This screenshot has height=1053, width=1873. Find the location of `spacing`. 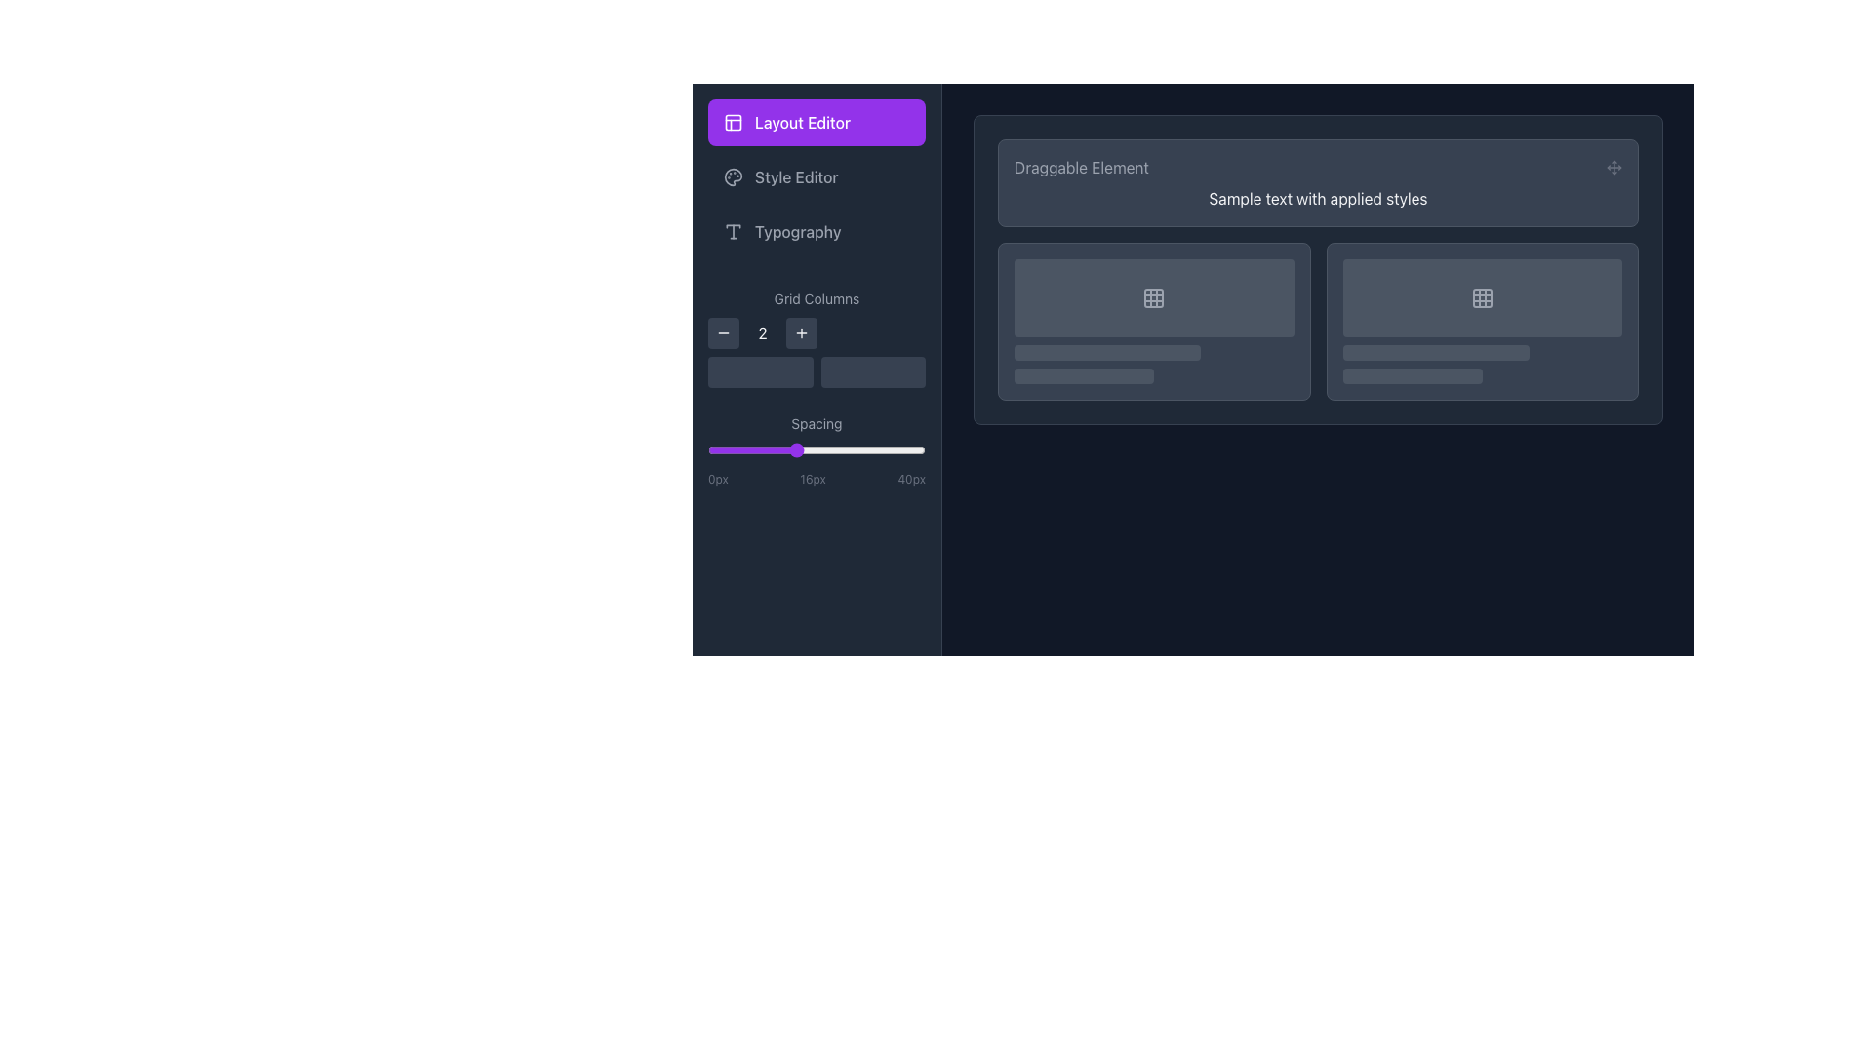

spacing is located at coordinates (838, 450).